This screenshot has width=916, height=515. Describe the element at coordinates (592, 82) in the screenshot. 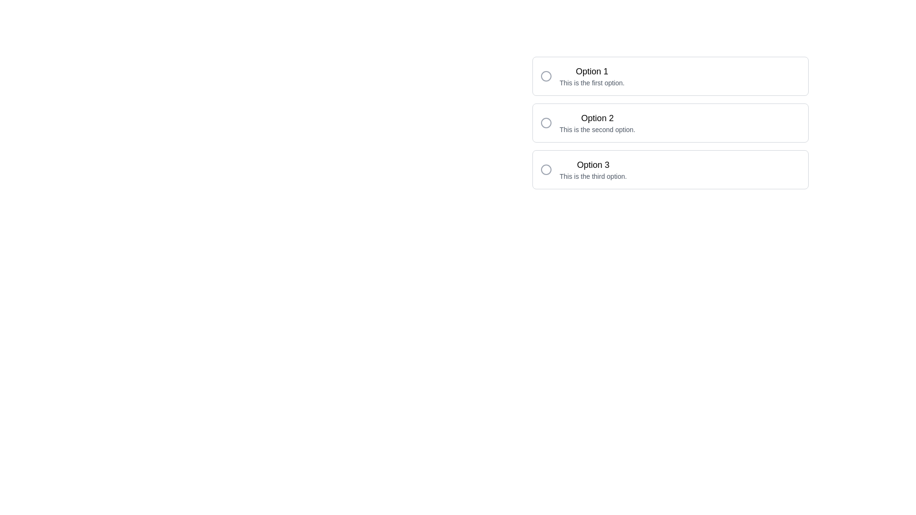

I see `text labeled 'This is the first option.' which is a small-sized gray paragraph positioned below 'Option 1'` at that location.